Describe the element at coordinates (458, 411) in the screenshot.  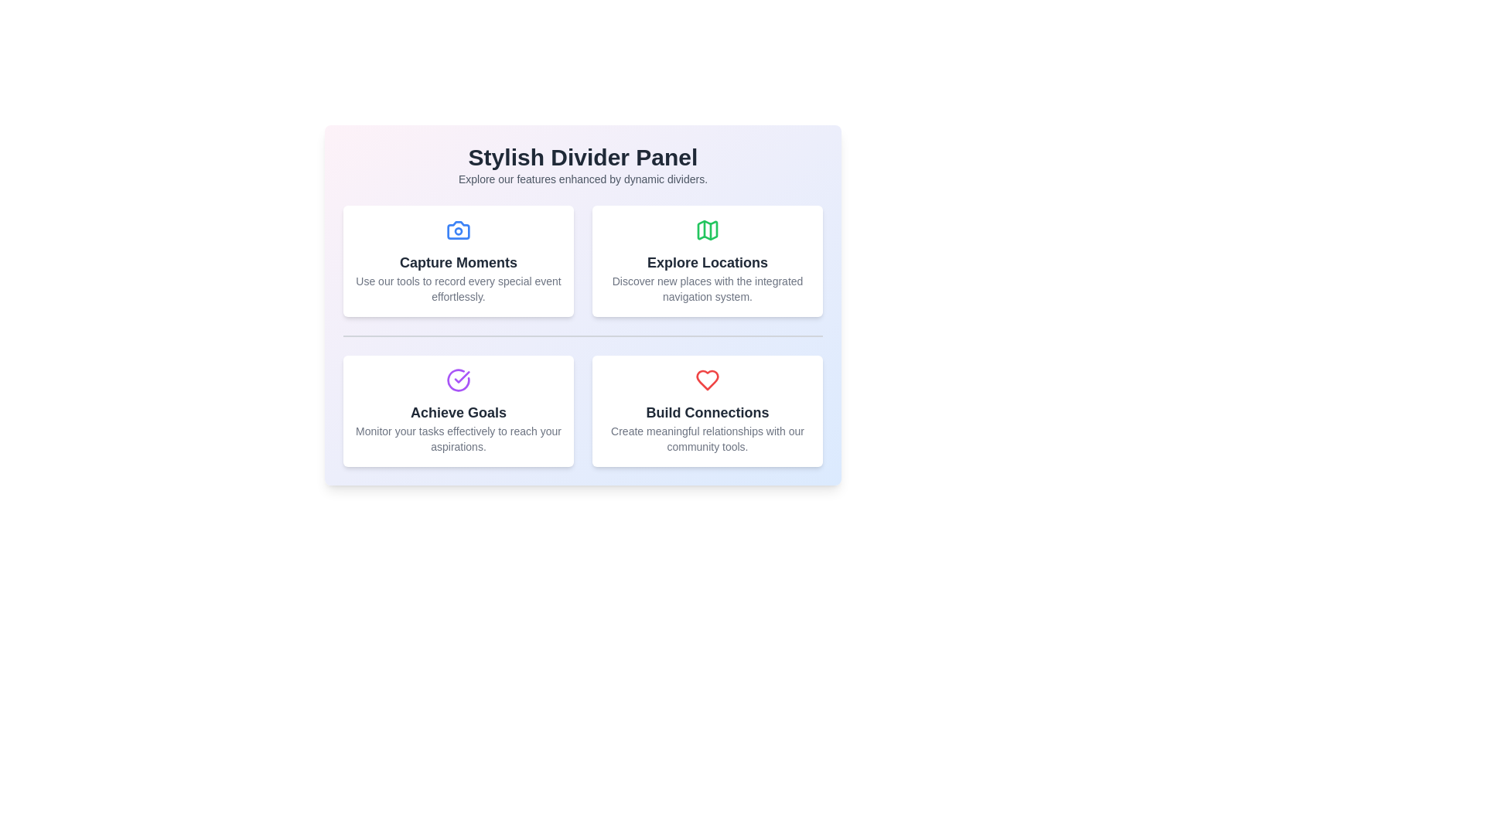
I see `the Informational Panel titled 'Achieve Goals', which features a purple checkmark icon, a bold title, and descriptive text, located in the second row and first column of the grid layout` at that location.